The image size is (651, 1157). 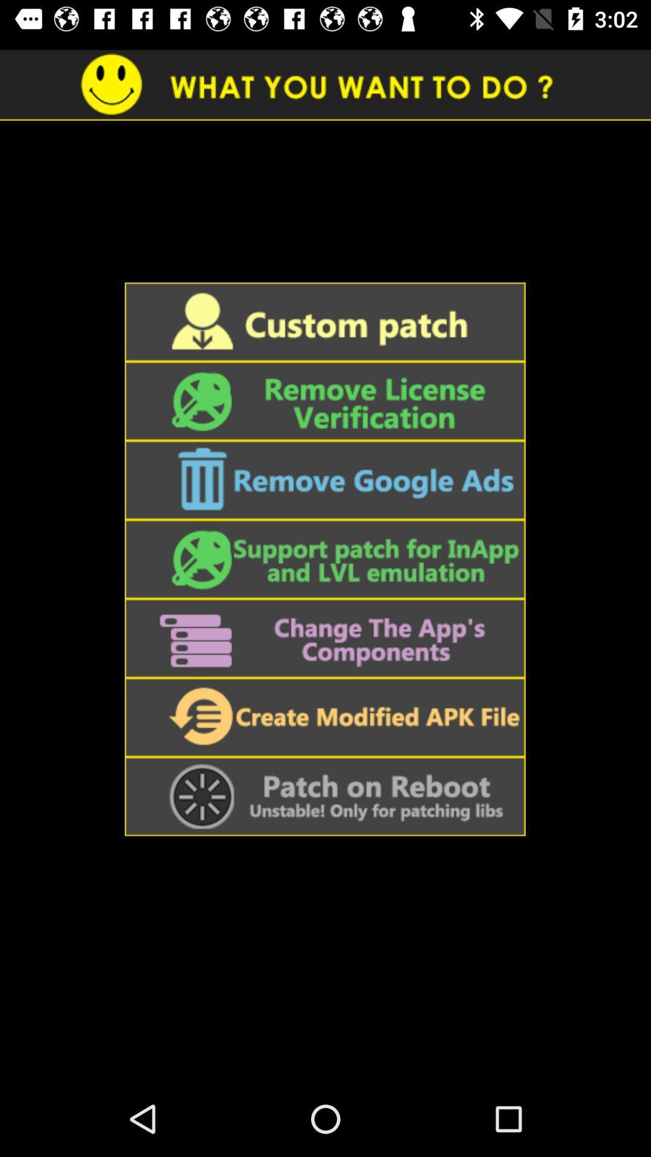 What do you see at coordinates (324, 638) in the screenshot?
I see `change the app 's components` at bounding box center [324, 638].